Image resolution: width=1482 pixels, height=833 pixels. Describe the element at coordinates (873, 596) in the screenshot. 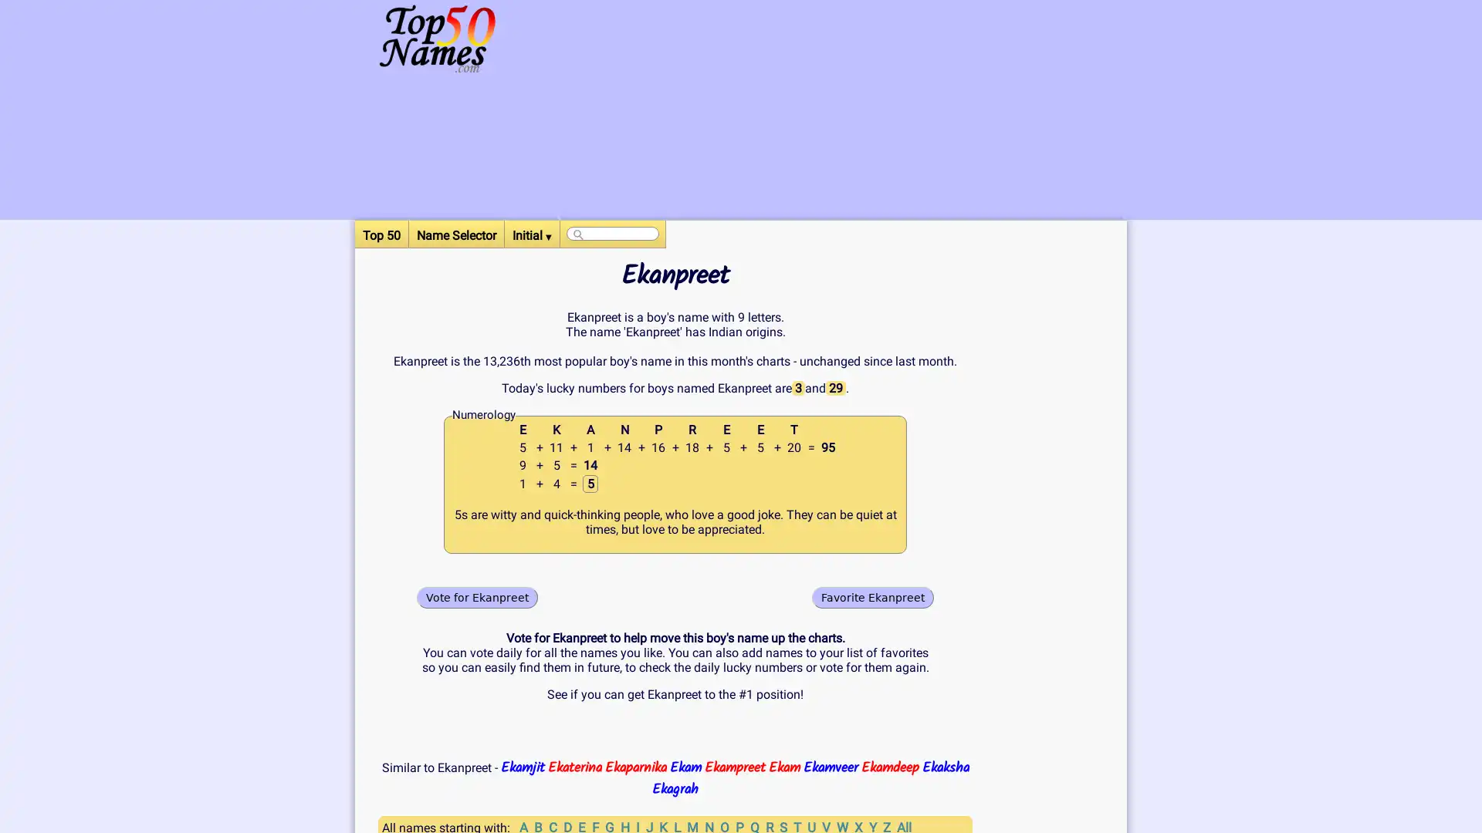

I see `Favorite Ekanpreet` at that location.